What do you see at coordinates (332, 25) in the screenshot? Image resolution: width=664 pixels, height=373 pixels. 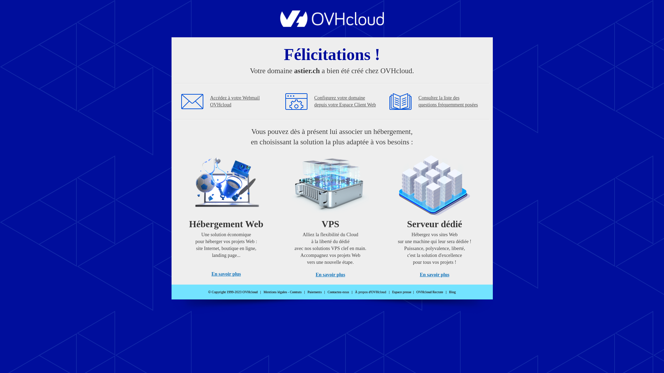 I see `'OVHcloud'` at bounding box center [332, 25].